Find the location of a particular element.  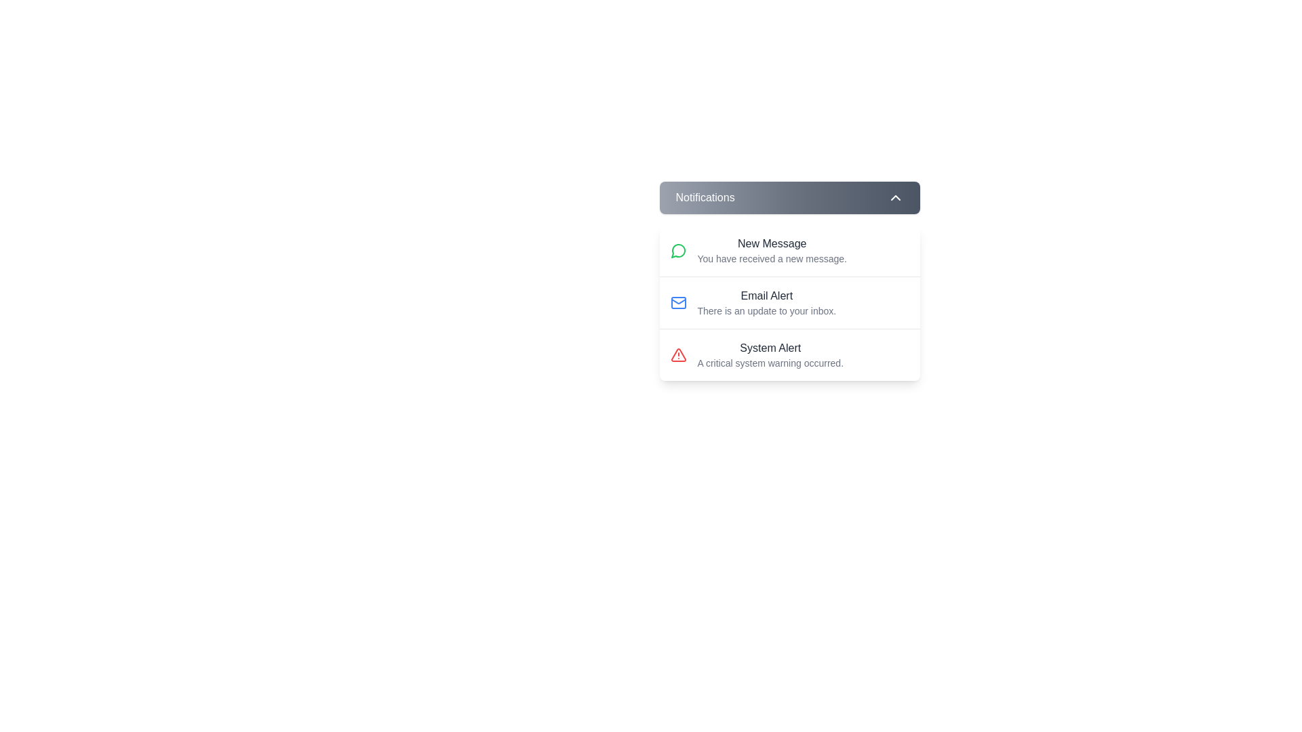

textual information from the 'System Alert' text block, which includes a bold title and a description about a critical system warning is located at coordinates (770, 354).